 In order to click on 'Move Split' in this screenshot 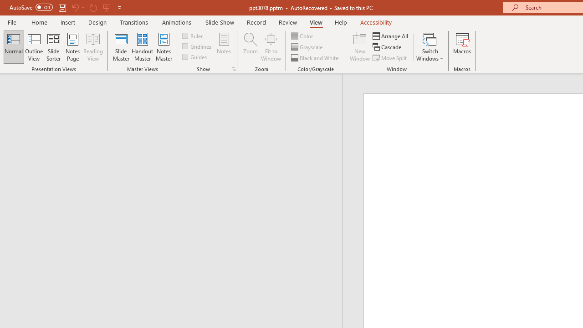, I will do `click(390, 58)`.